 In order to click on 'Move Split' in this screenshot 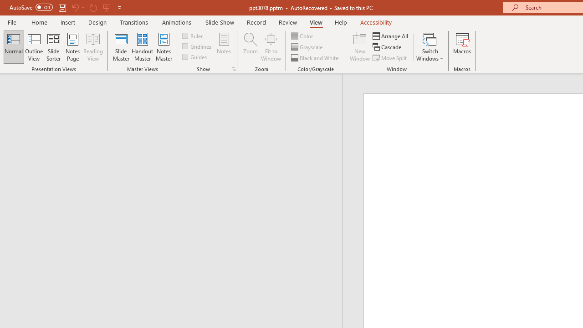, I will do `click(390, 58)`.